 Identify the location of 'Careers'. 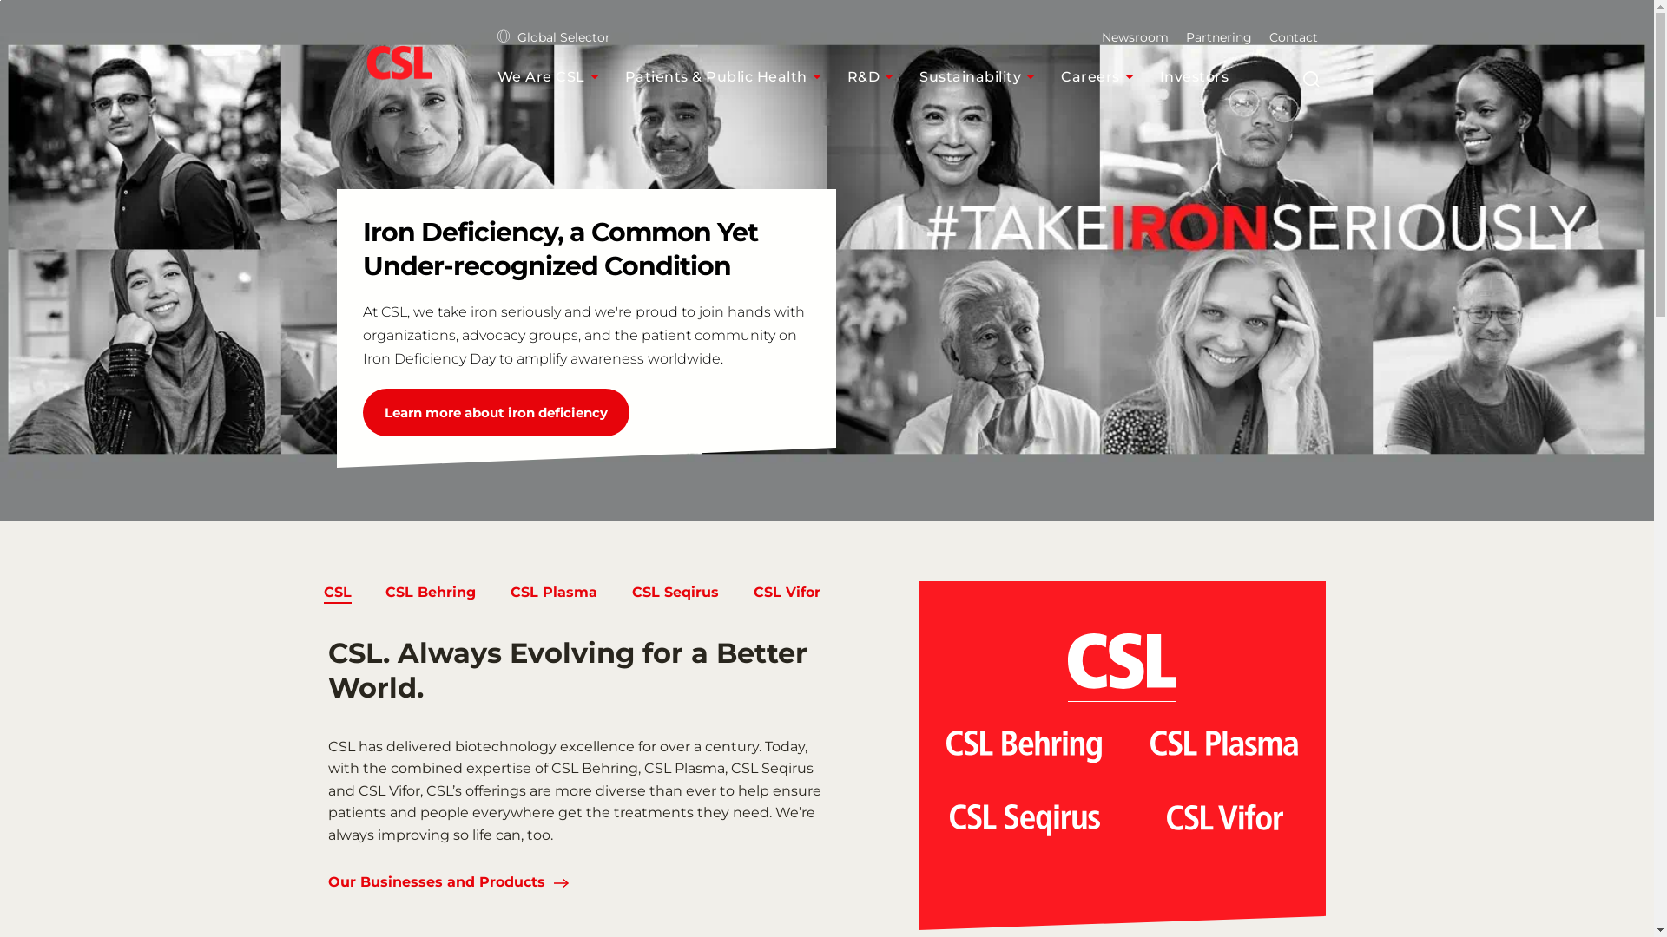
(1060, 75).